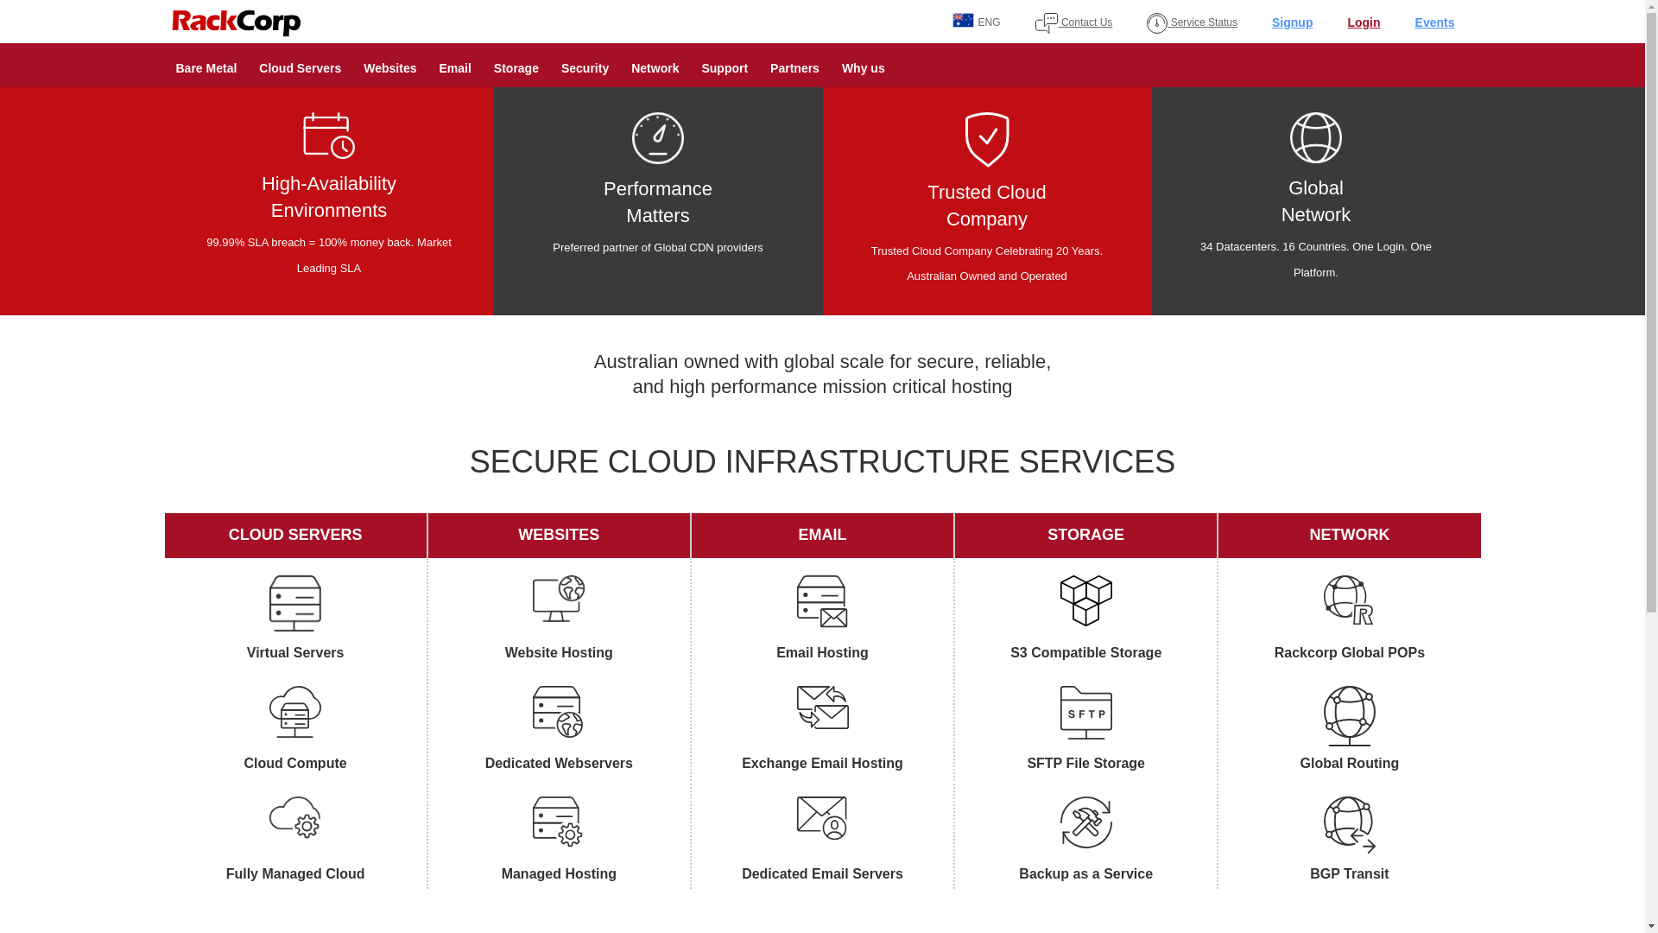 The width and height of the screenshot is (1658, 933). I want to click on 'Contact Us', so click(1073, 23).